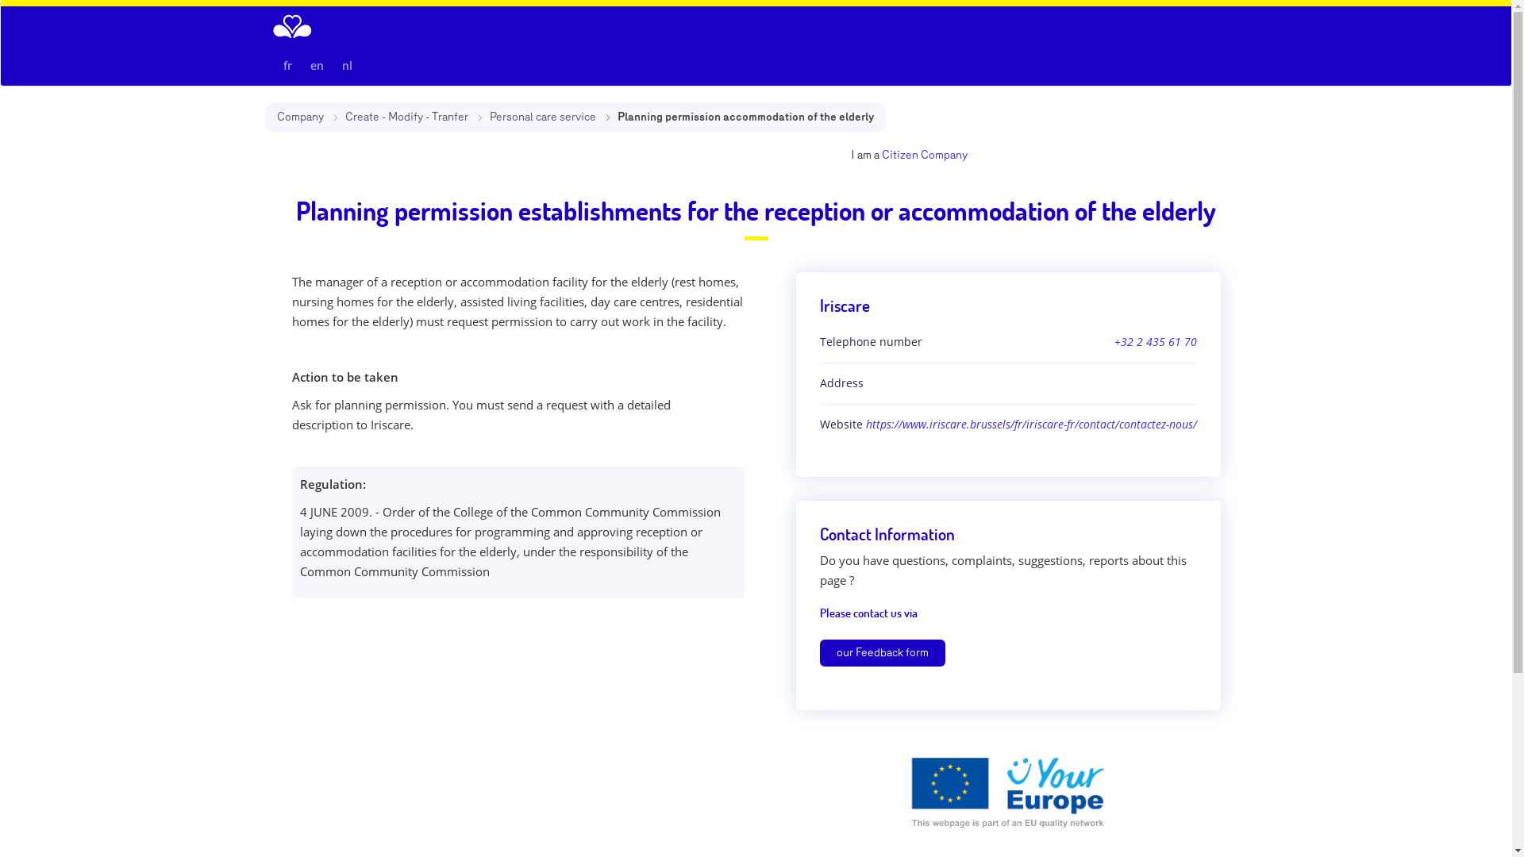  Describe the element at coordinates (301, 64) in the screenshot. I see `'en'` at that location.